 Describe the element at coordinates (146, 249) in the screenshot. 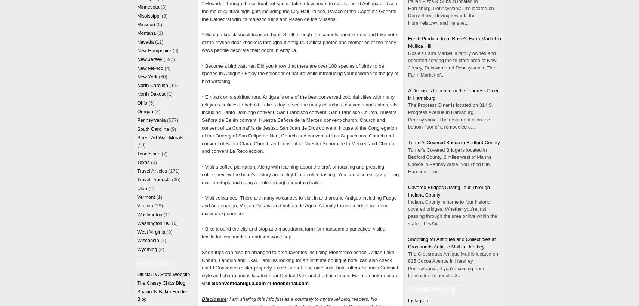

I see `'Wyoming'` at that location.